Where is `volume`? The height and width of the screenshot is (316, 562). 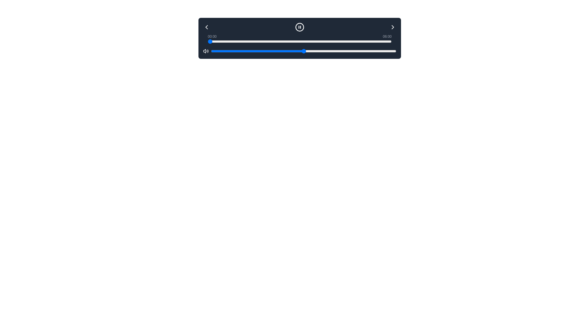 volume is located at coordinates (250, 51).